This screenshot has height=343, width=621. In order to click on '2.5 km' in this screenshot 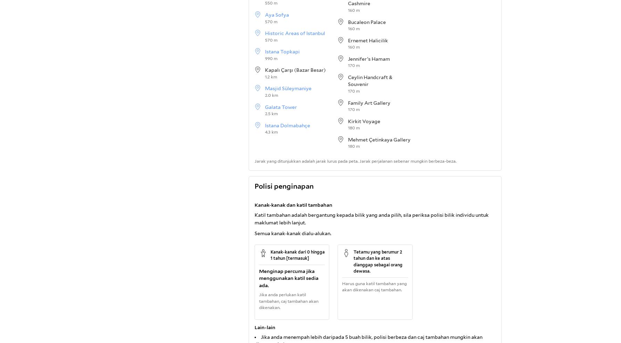, I will do `click(271, 113)`.